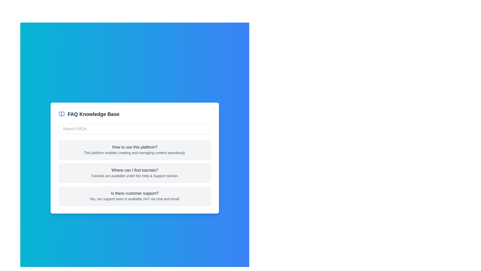 The image size is (481, 271). What do you see at coordinates (135, 193) in the screenshot?
I see `the static text label that serves as a question heading in the FAQ section, located inside a card with a light gray background at the bottom of the visible FAQ section` at bounding box center [135, 193].